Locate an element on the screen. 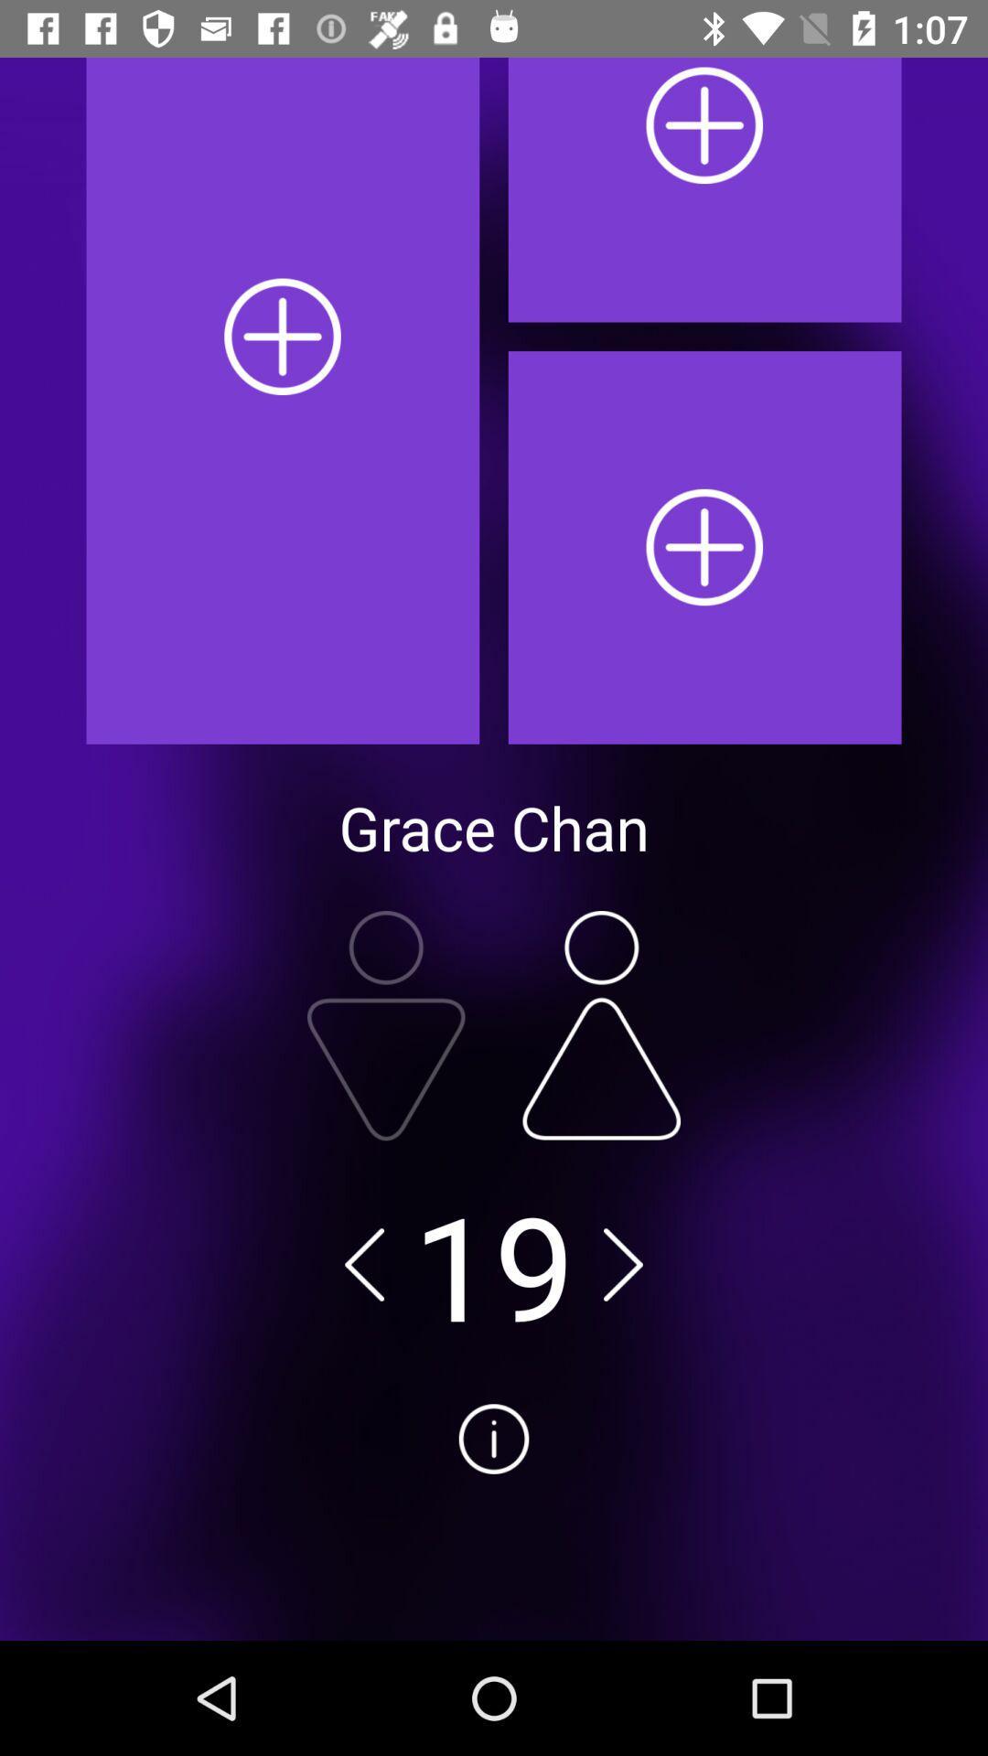 The image size is (988, 1756). increase number is located at coordinates (601, 1025).